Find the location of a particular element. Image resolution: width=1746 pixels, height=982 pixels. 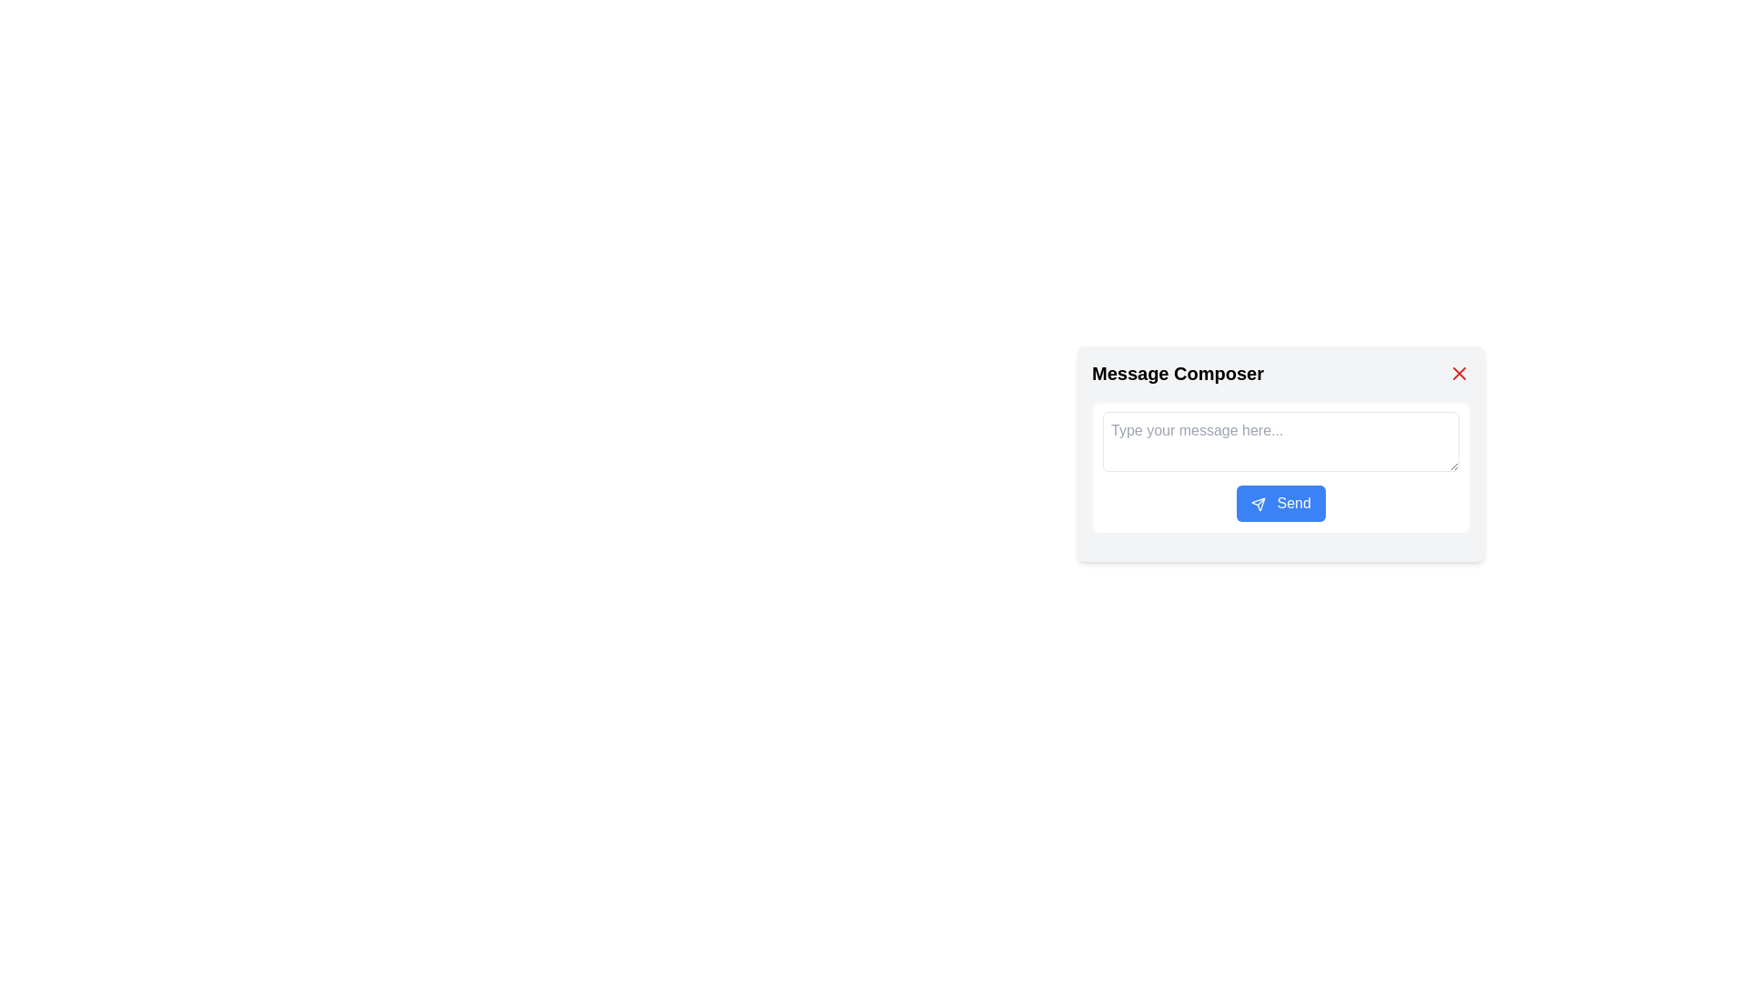

the triangular send icon located to the left of the 'Send' button within the 'Message Composer' modal is located at coordinates (1258, 504).